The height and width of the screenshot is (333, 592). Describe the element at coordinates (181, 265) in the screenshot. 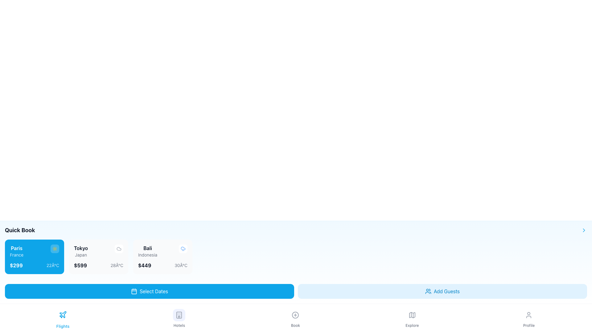

I see `the temperature display text label for Bali, located to the right of the '$449' price text in the 'Bali Indonesia' section` at that location.